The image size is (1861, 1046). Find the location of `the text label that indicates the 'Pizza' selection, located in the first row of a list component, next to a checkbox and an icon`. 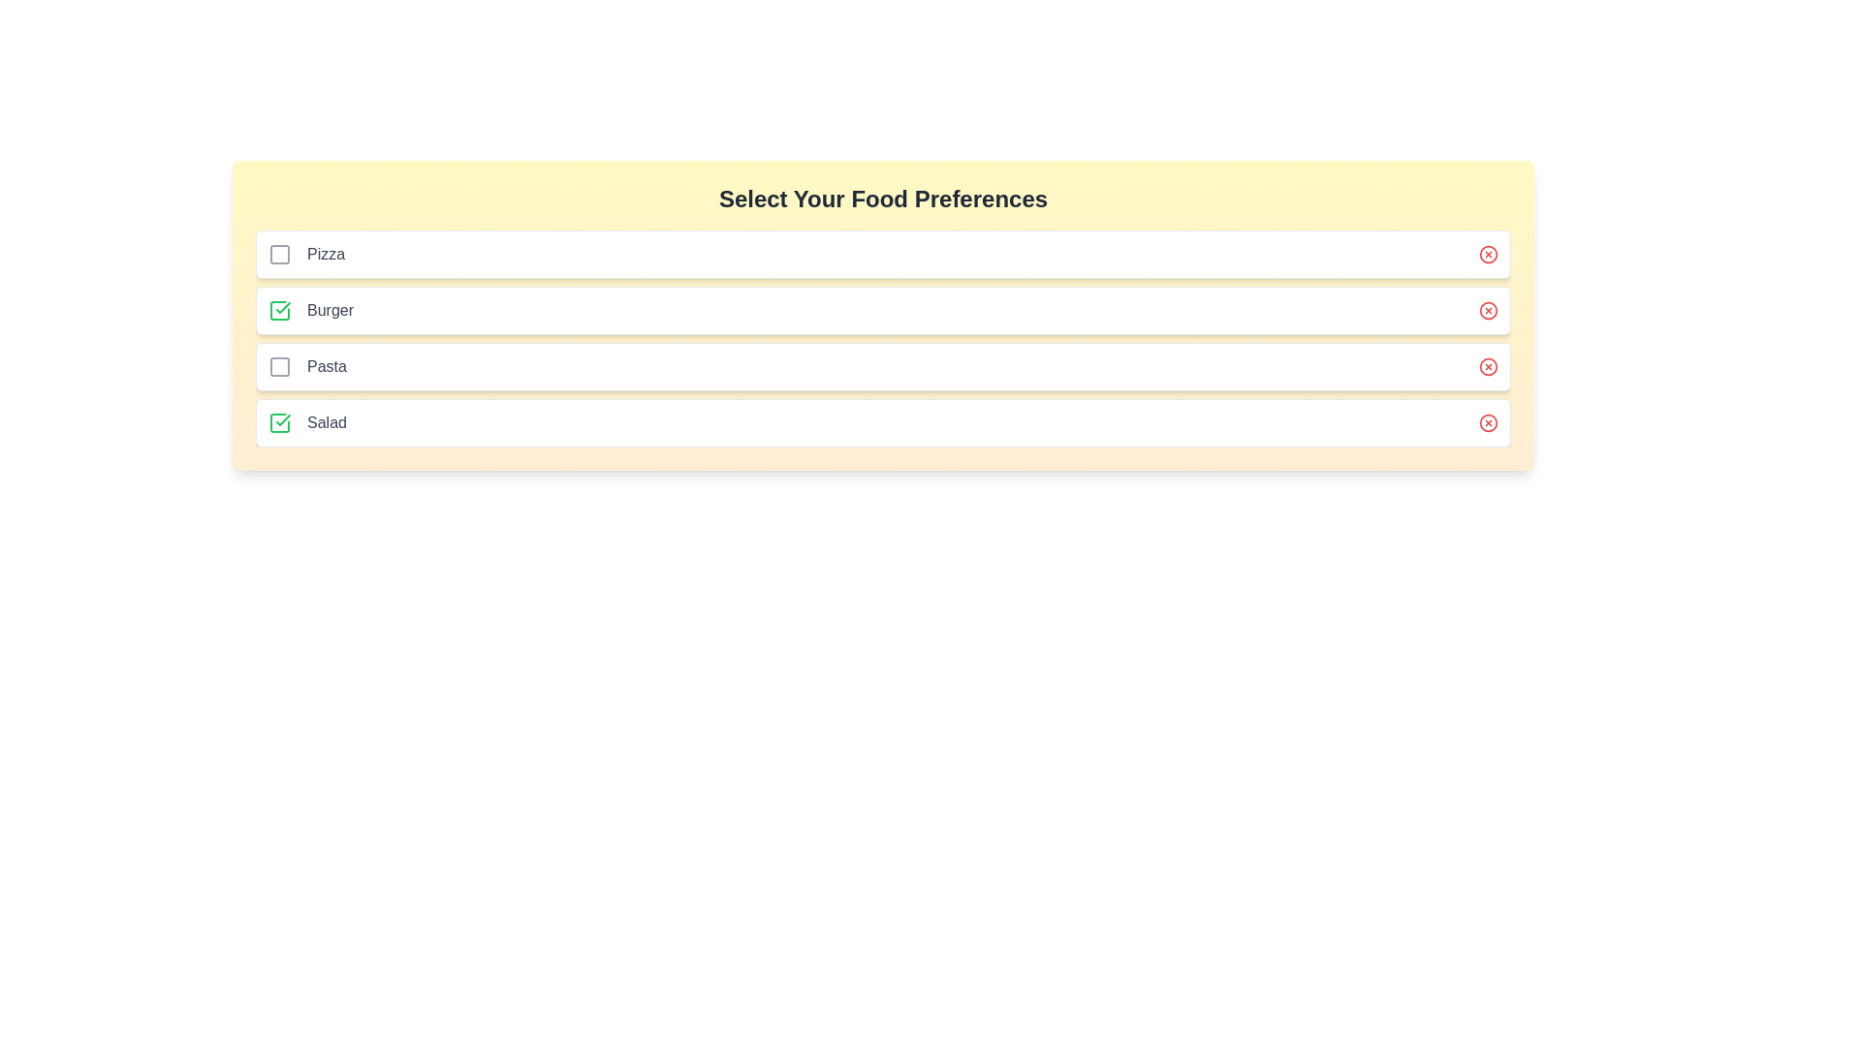

the text label that indicates the 'Pizza' selection, located in the first row of a list component, next to a checkbox and an icon is located at coordinates (326, 253).